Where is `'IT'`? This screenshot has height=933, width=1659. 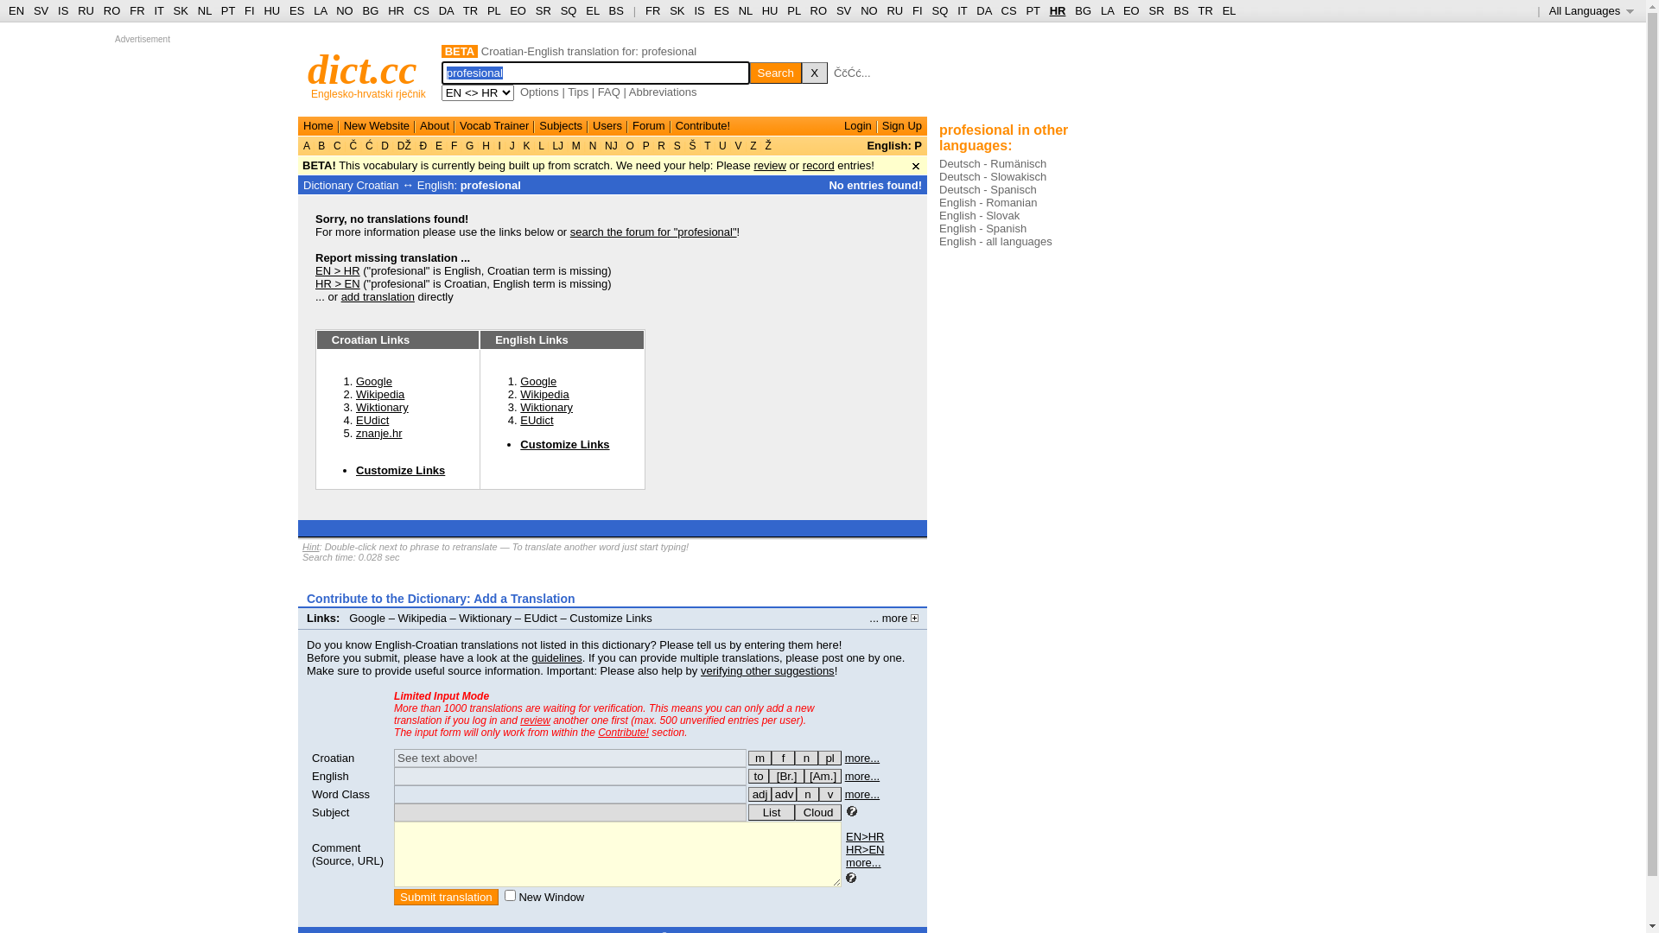
'IT' is located at coordinates (961, 10).